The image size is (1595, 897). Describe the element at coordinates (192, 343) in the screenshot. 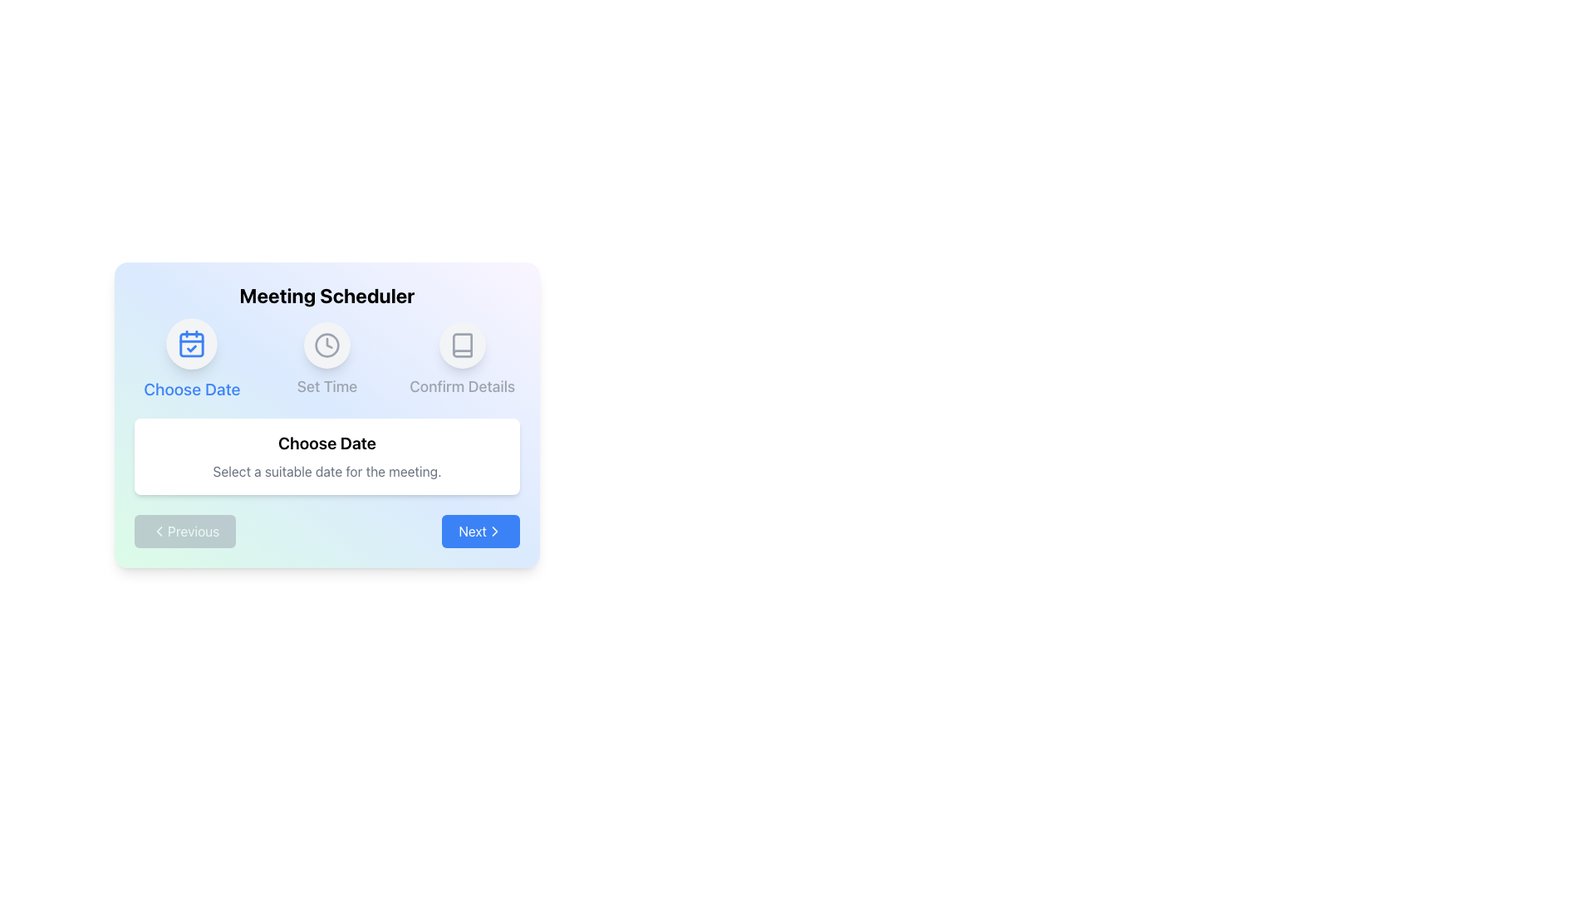

I see `the date selection icon located at the top-left corner of the 'Meeting Scheduler' panel` at that location.